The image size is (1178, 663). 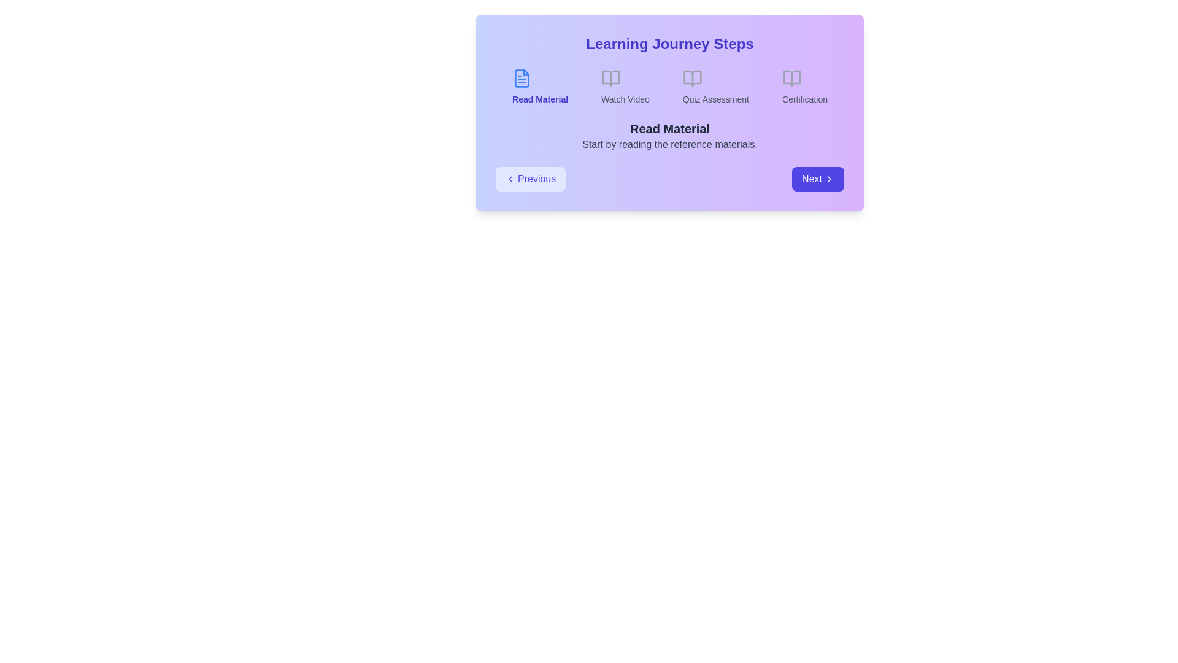 I want to click on the SVG icon resembling an open book, which is the second icon in a horizontal menu layout, so click(x=611, y=78).